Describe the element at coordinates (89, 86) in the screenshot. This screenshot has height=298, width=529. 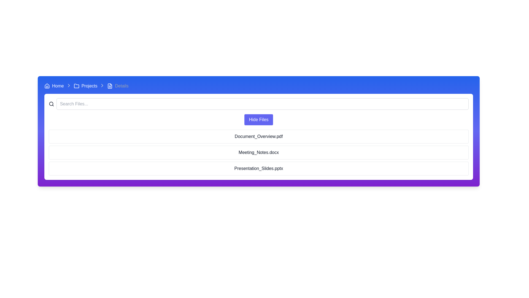
I see `the 'Projects' interactive text link located in the breadcrumb navigation bar` at that location.